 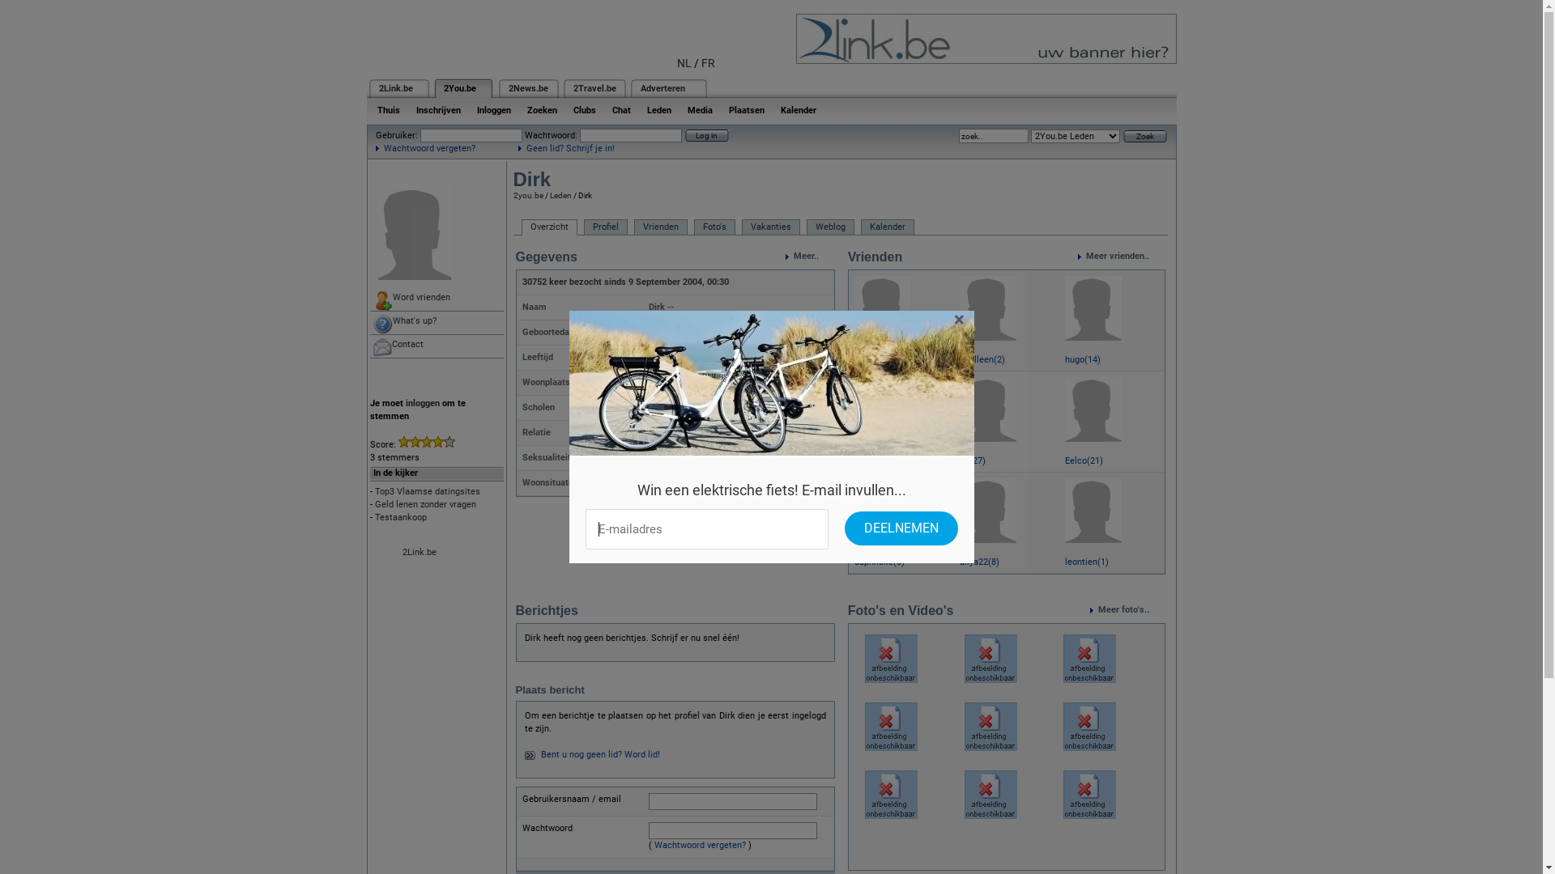 What do you see at coordinates (389, 109) in the screenshot?
I see `'Thuis'` at bounding box center [389, 109].